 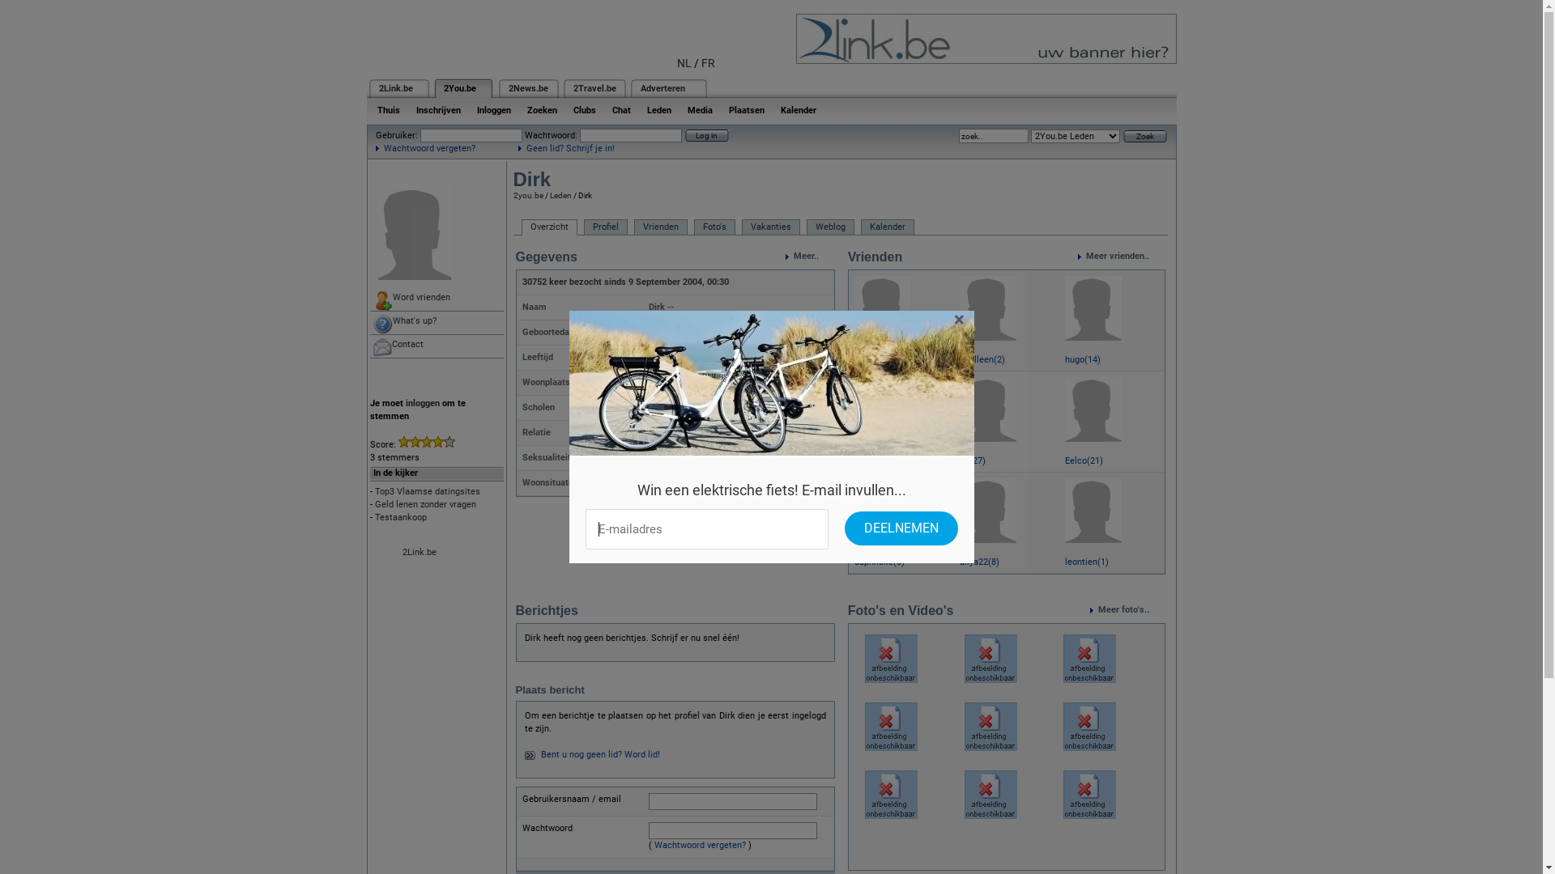 What do you see at coordinates (389, 109) in the screenshot?
I see `'Thuis'` at bounding box center [389, 109].